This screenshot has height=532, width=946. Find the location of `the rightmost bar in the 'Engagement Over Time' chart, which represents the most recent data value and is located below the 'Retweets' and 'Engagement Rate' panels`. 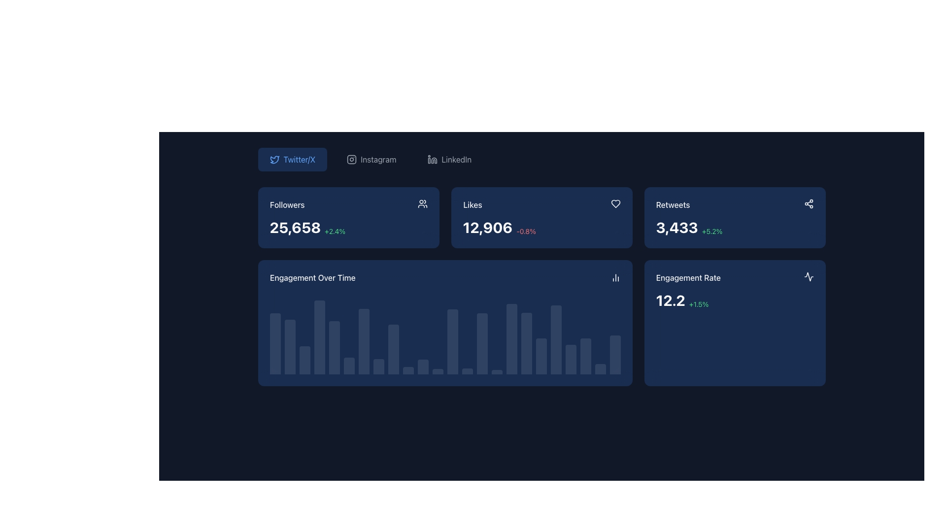

the rightmost bar in the 'Engagement Over Time' chart, which represents the most recent data value and is located below the 'Retweets' and 'Engagement Rate' panels is located at coordinates (614, 355).